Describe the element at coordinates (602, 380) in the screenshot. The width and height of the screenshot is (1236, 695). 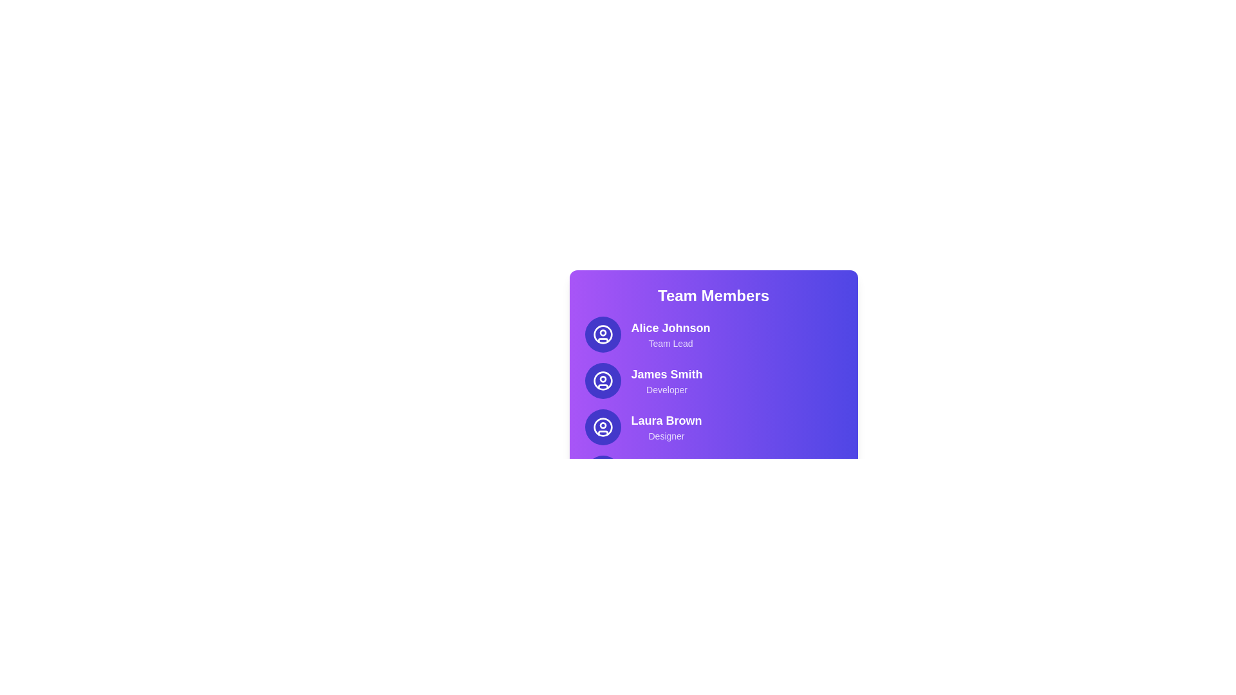
I see `the circular icon button with a dark indigo background and a white outlined user profile icon, located next to 'James Smith', the second avatar in the 'Team Members' section` at that location.